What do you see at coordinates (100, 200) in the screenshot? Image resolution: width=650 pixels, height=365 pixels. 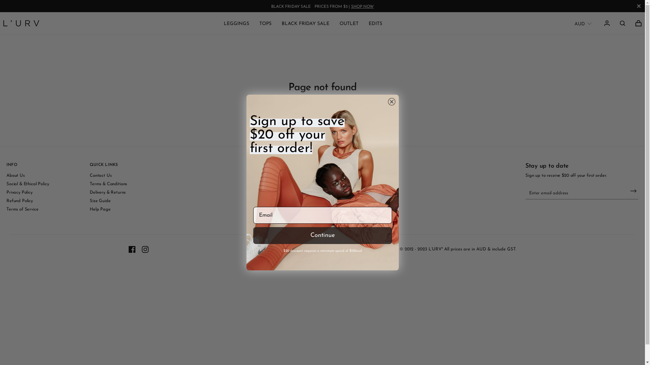 I see `'Size Guide'` at bounding box center [100, 200].